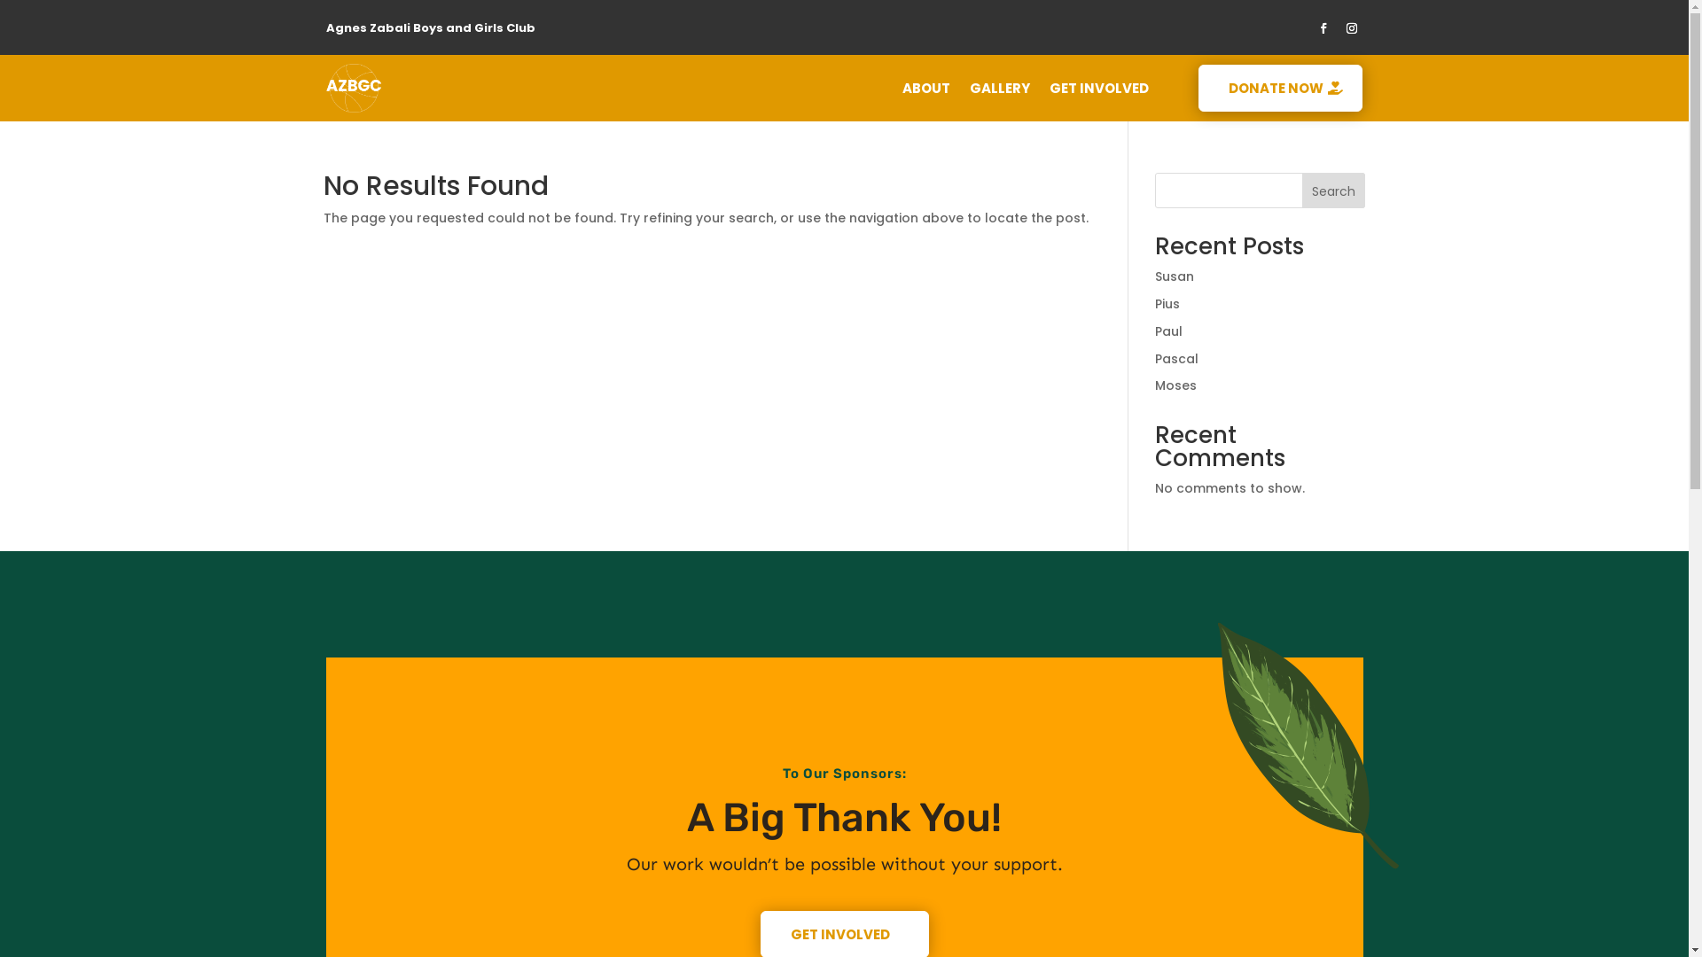 This screenshot has width=1702, height=957. What do you see at coordinates (1333, 191) in the screenshot?
I see `'Search'` at bounding box center [1333, 191].